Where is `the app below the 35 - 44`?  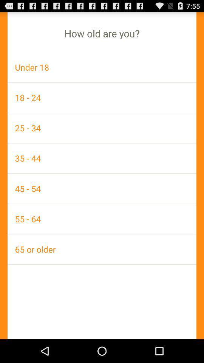 the app below the 35 - 44 is located at coordinates (102, 188).